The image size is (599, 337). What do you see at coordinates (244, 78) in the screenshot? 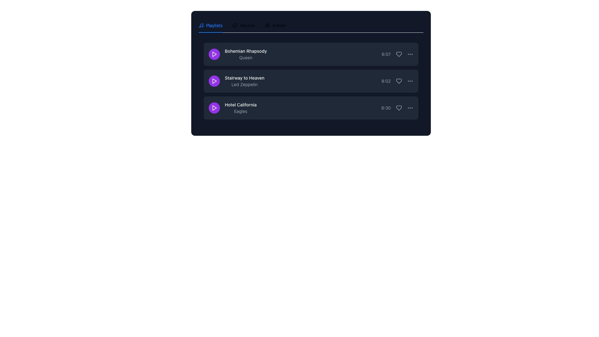
I see `title of the song displayed in the text label located in the second row of the playlist interface, above the text 'Led Zeppelin'` at bounding box center [244, 78].